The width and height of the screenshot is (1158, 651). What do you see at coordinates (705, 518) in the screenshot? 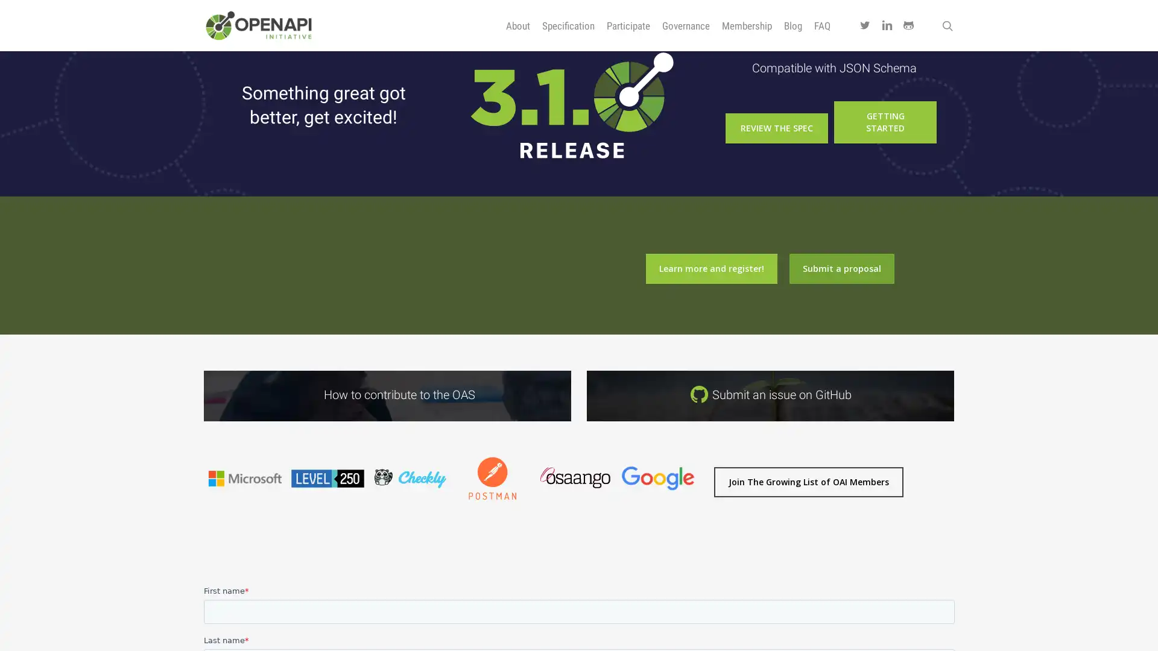
I see `Next` at bounding box center [705, 518].